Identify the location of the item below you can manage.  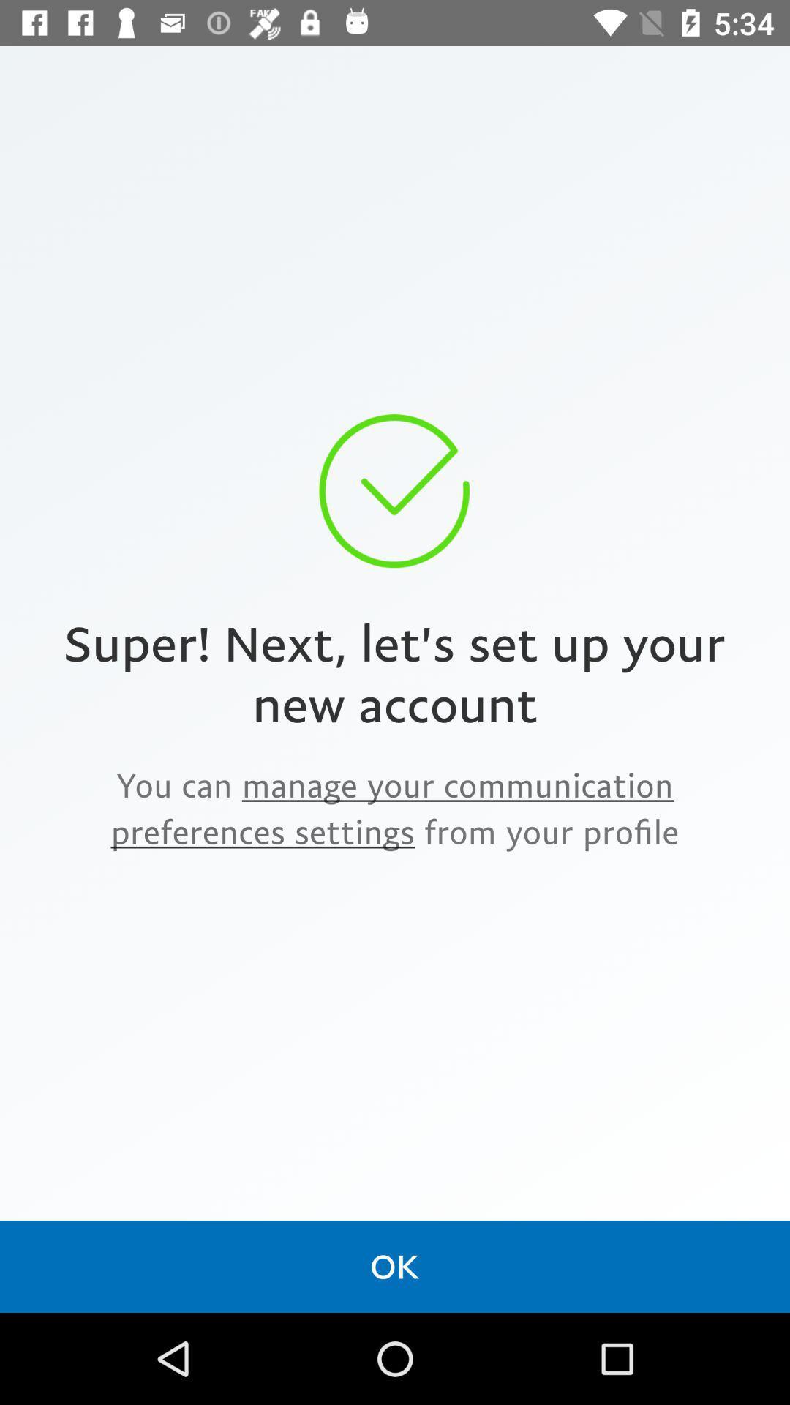
(395, 1266).